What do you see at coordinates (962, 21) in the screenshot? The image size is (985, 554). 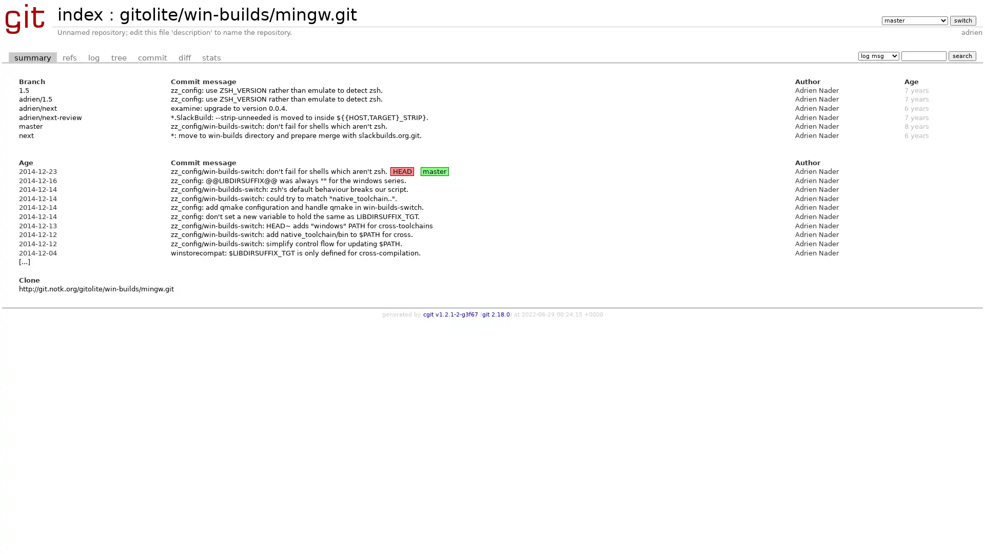 I see `switch` at bounding box center [962, 21].